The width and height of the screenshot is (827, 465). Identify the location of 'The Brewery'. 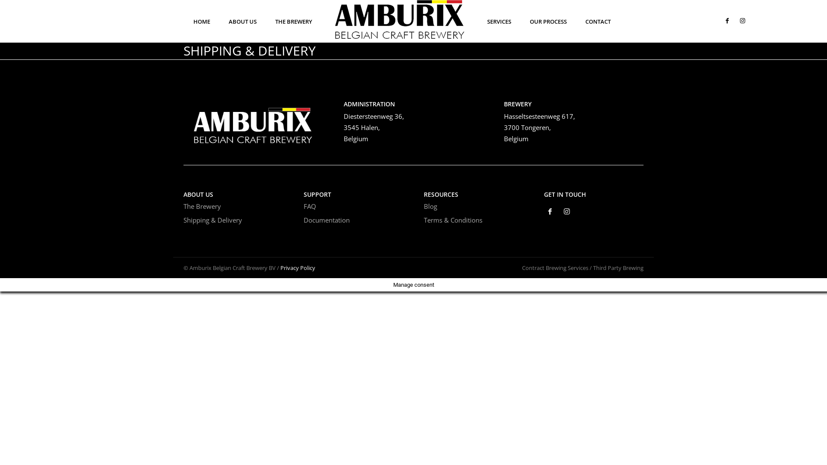
(202, 206).